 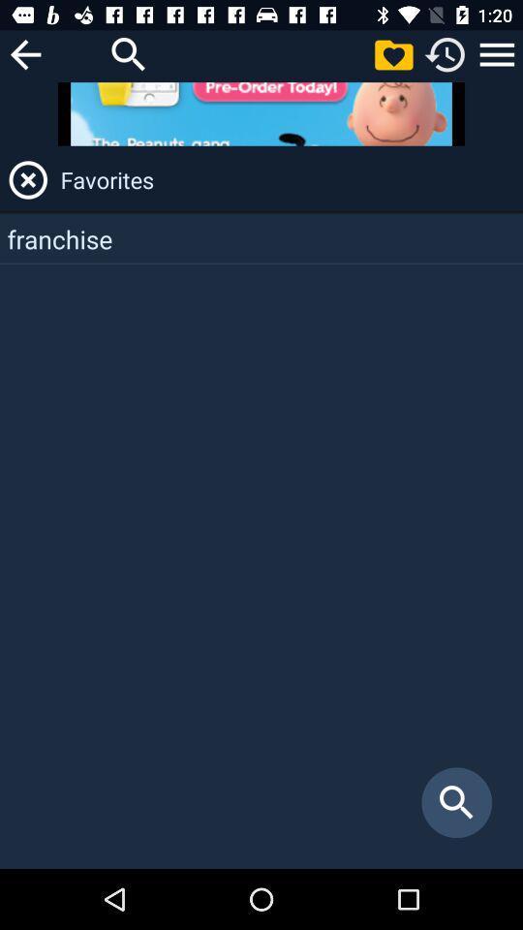 I want to click on the history icon, so click(x=446, y=53).